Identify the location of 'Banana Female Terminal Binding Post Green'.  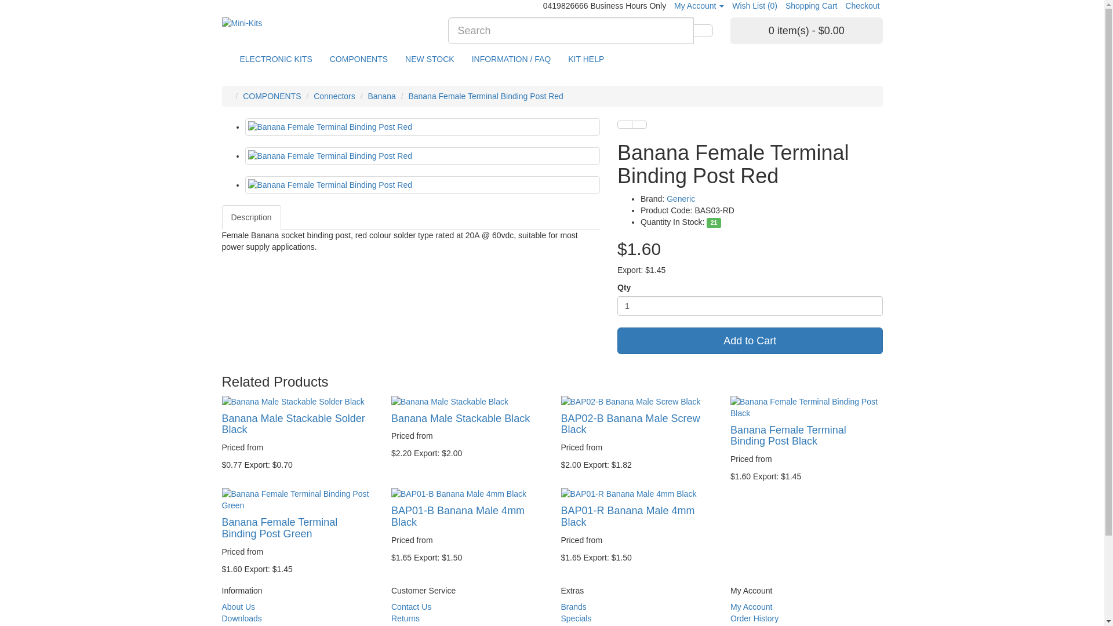
(279, 527).